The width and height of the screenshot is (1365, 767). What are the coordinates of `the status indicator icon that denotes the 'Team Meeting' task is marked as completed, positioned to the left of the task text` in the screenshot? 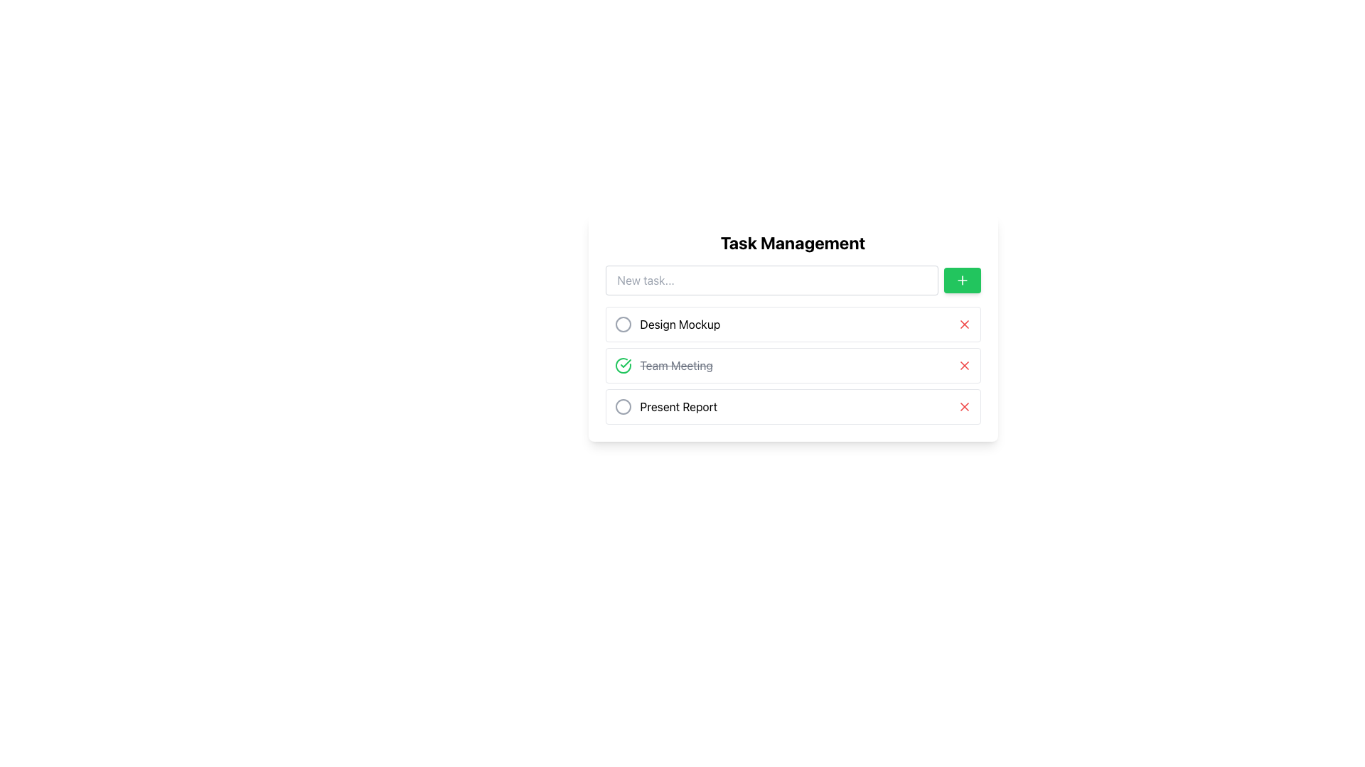 It's located at (623, 365).